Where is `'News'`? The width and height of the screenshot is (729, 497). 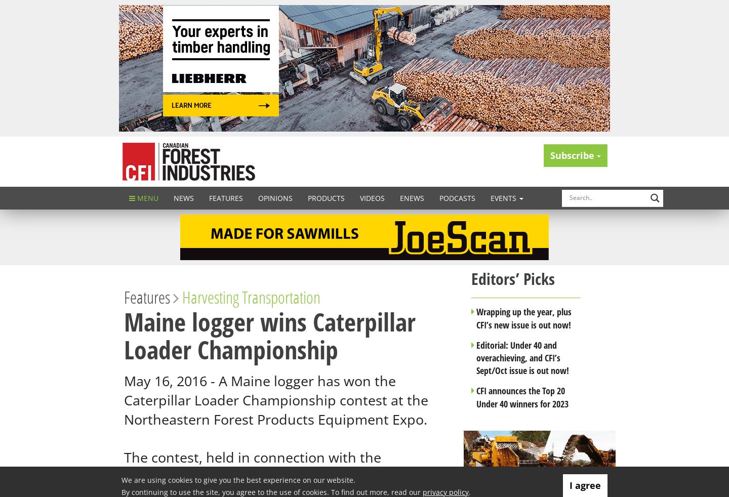 'News' is located at coordinates (183, 197).